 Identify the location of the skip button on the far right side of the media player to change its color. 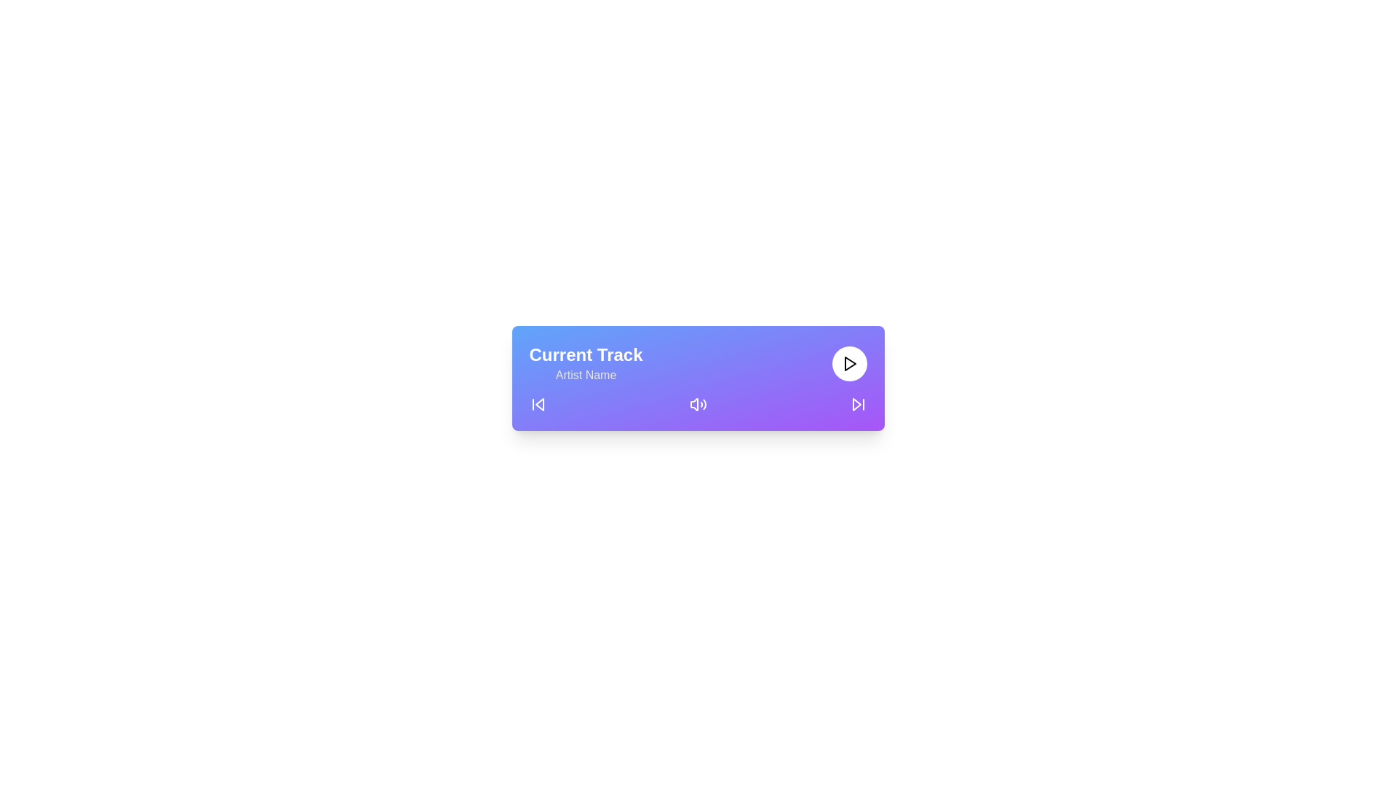
(858, 404).